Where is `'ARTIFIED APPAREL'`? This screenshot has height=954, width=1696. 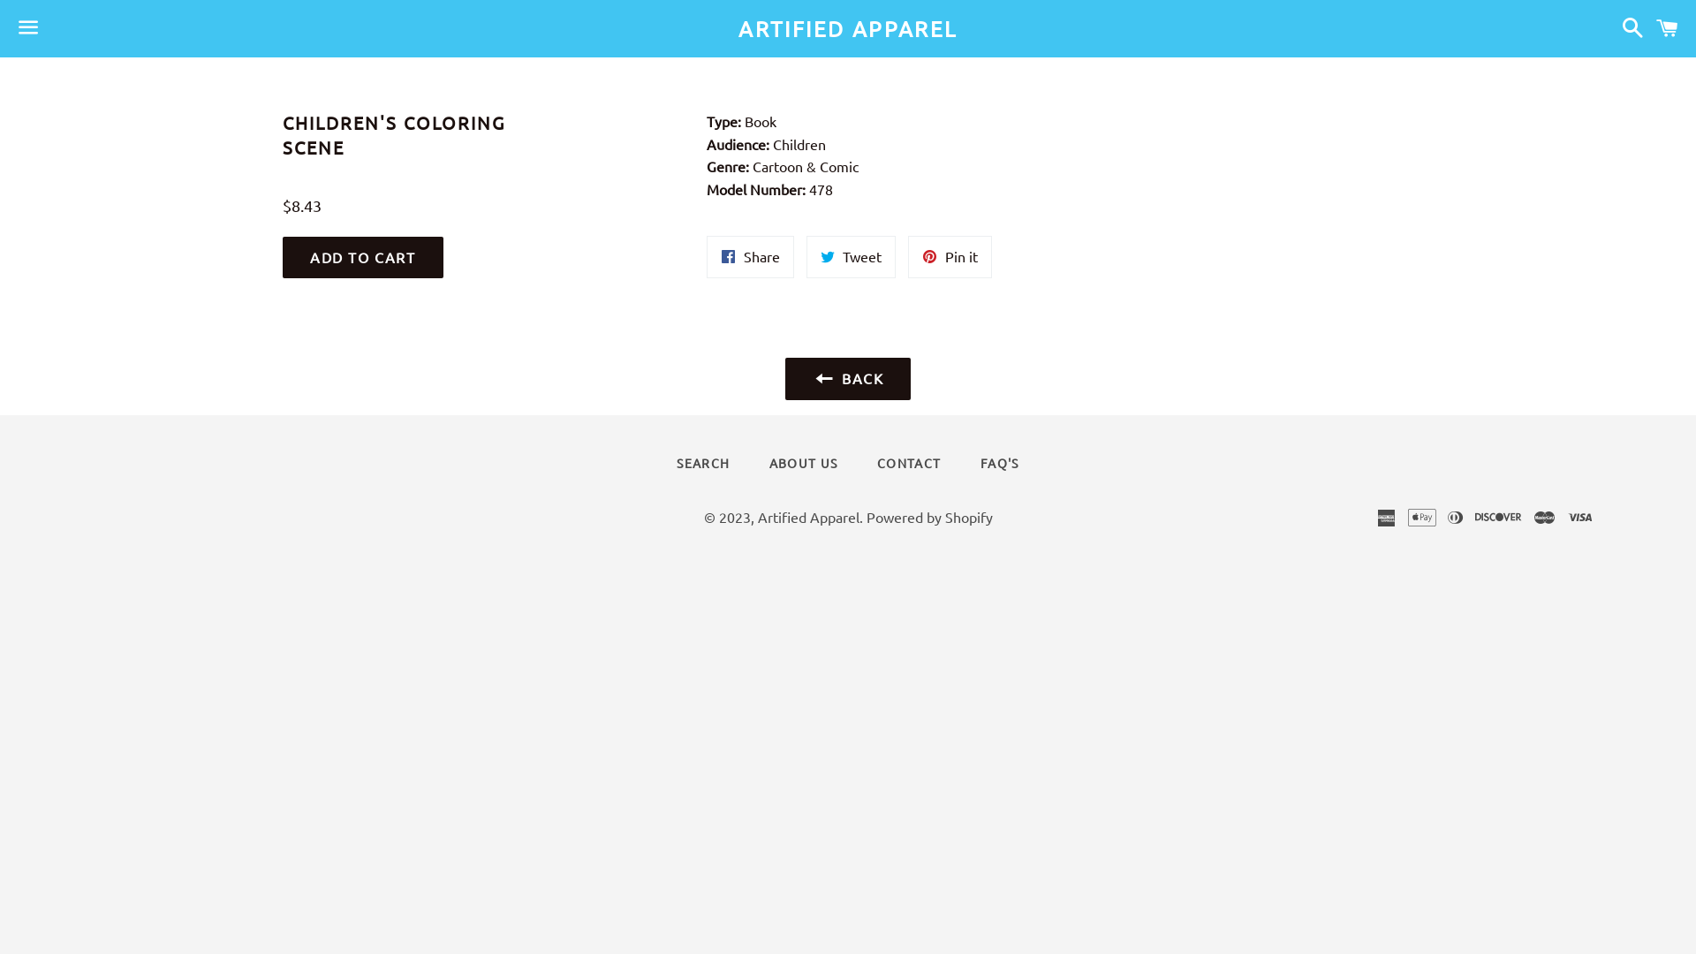 'ARTIFIED APPAREL' is located at coordinates (288, 29).